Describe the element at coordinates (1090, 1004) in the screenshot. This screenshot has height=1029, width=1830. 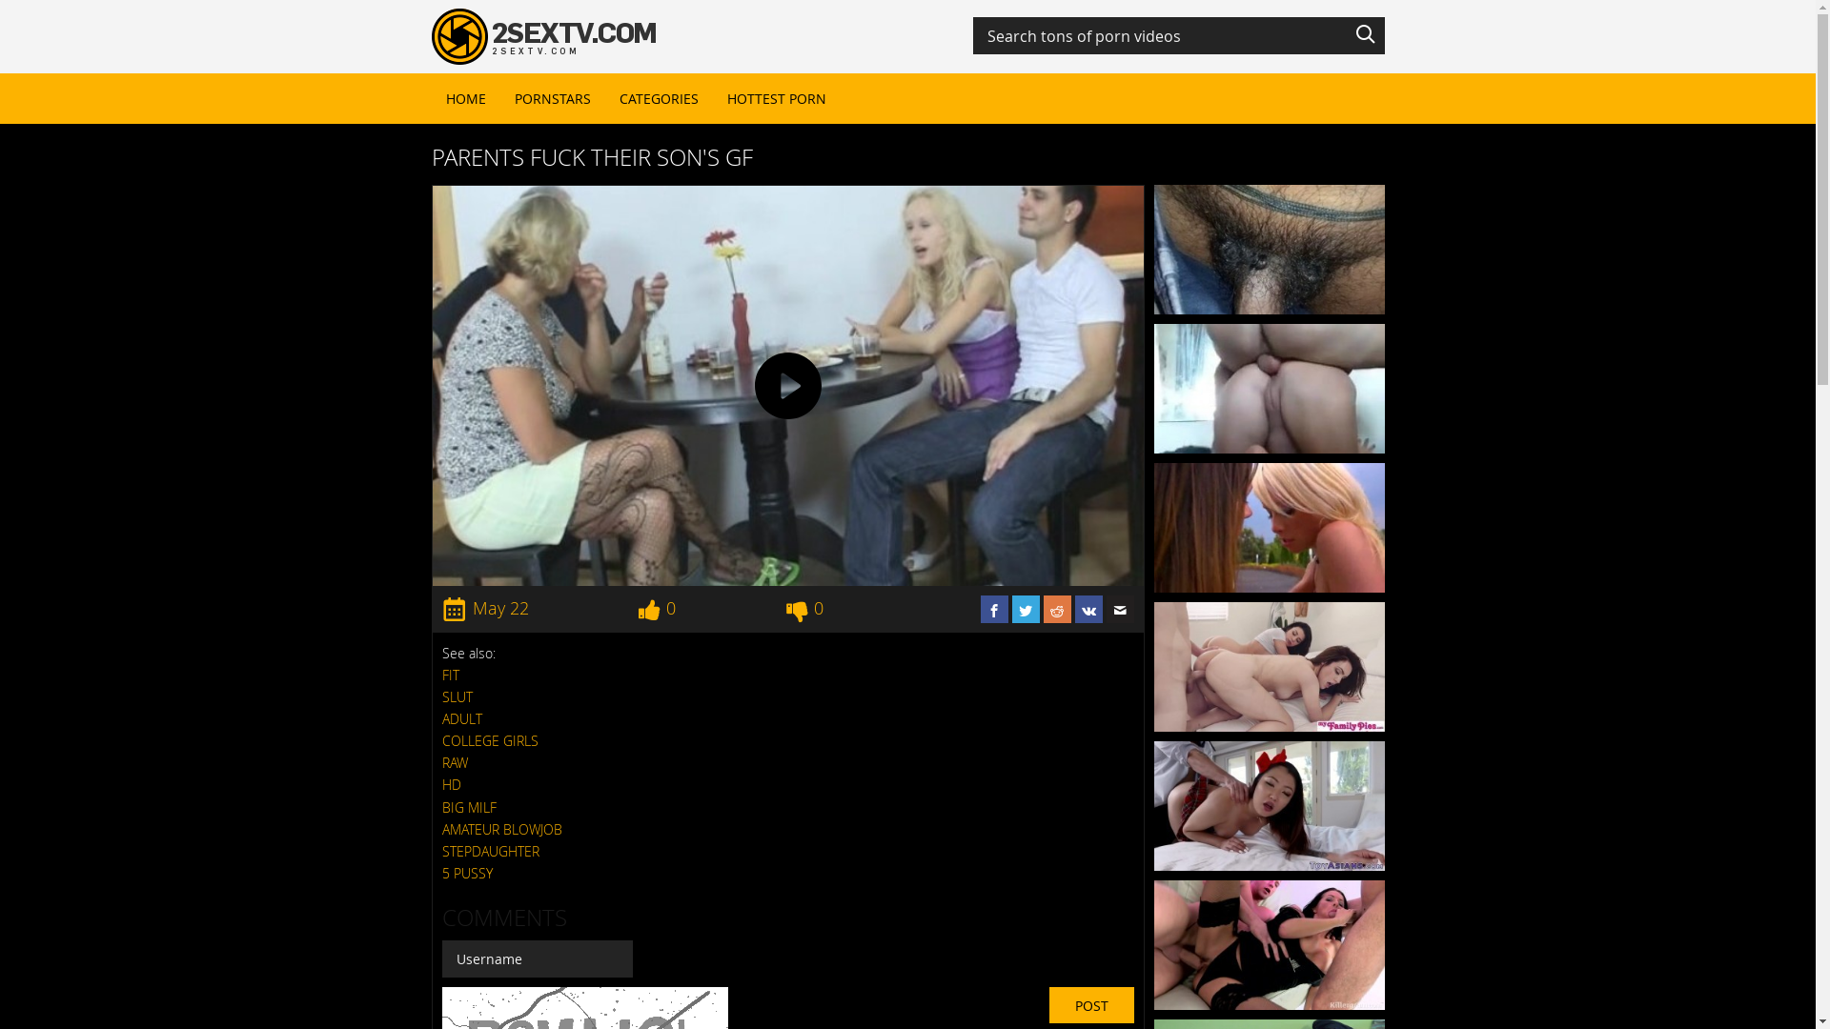
I see `'POST'` at that location.